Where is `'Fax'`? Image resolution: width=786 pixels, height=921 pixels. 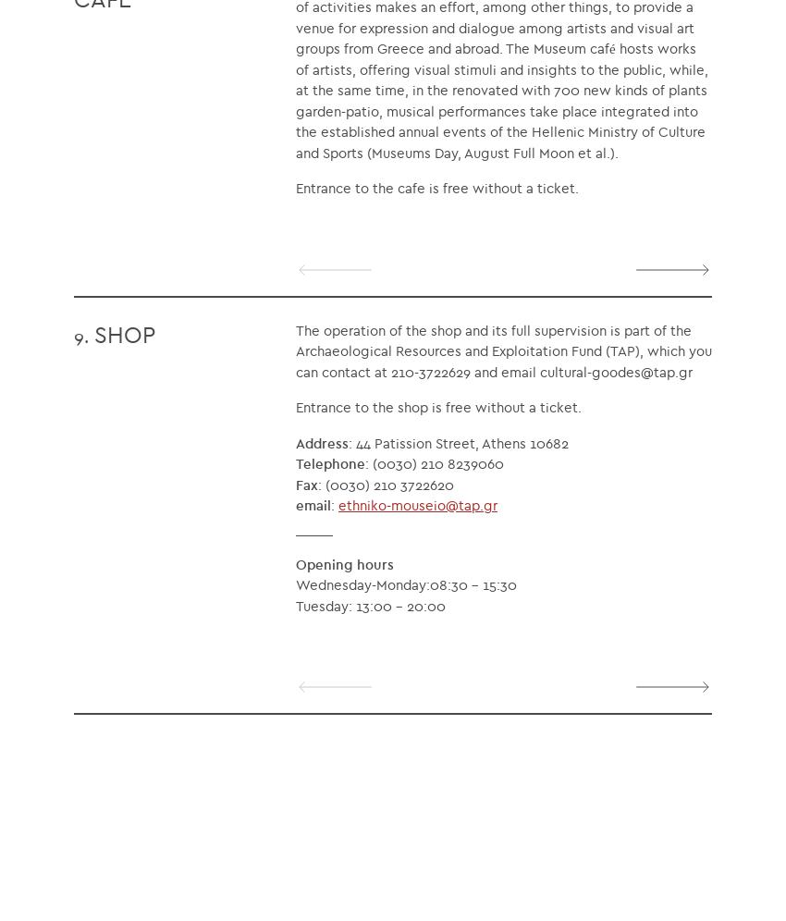 'Fax' is located at coordinates (307, 484).